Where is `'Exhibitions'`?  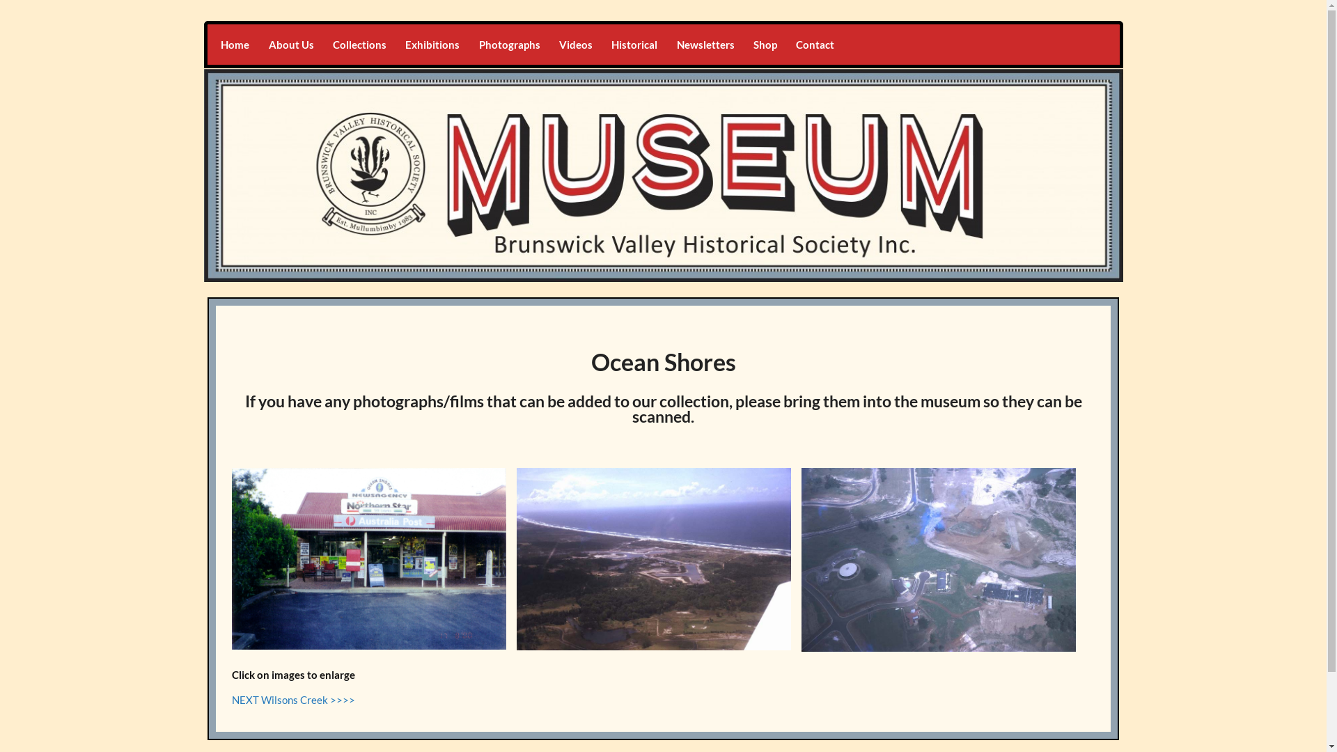
'Exhibitions' is located at coordinates (432, 44).